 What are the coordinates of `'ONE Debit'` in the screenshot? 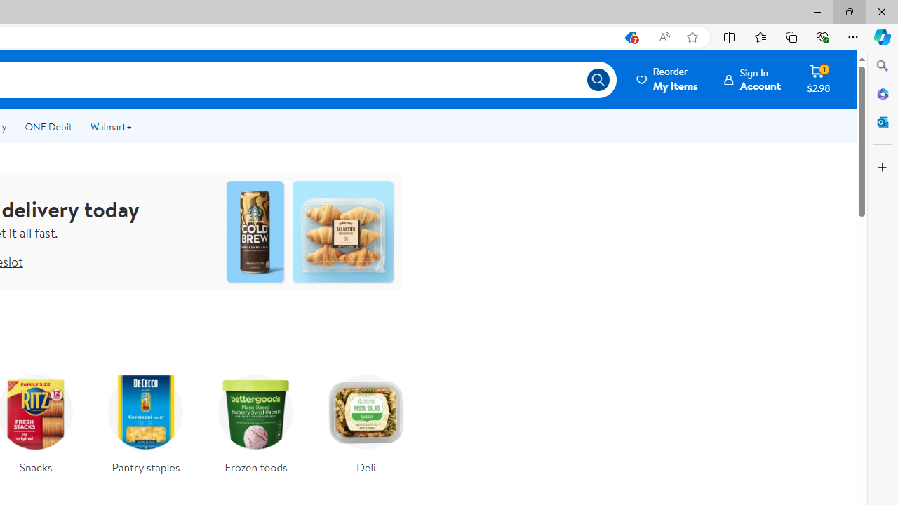 It's located at (48, 127).